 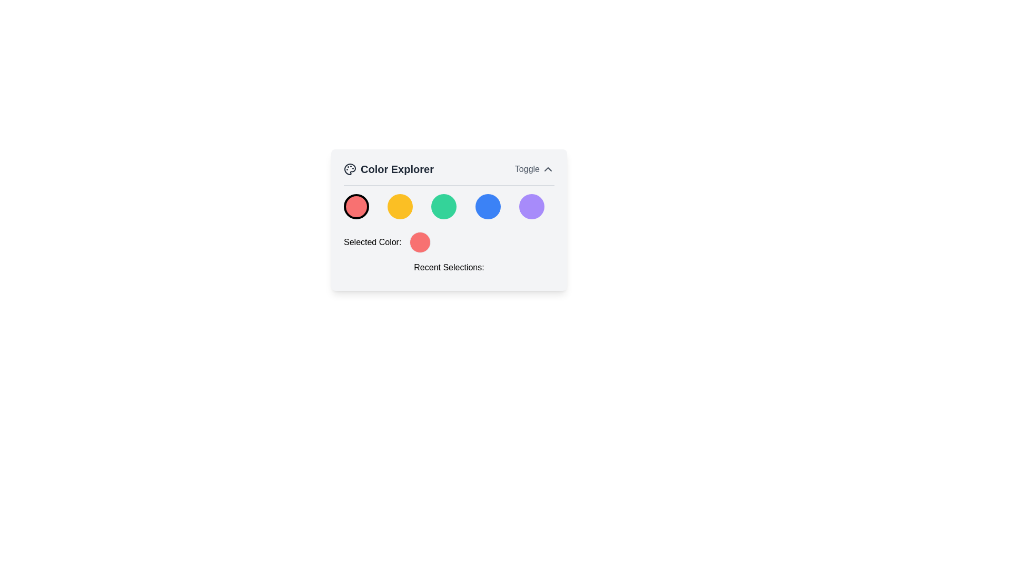 I want to click on the colored circular icons within the 'Color Explorer' card component, which has a light gray background and rounded corners, so click(x=449, y=219).